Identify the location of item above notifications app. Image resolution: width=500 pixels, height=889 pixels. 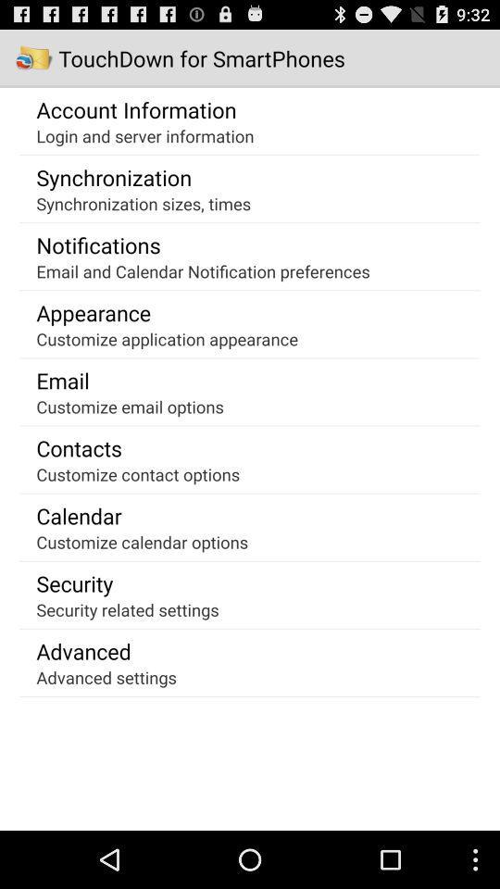
(143, 203).